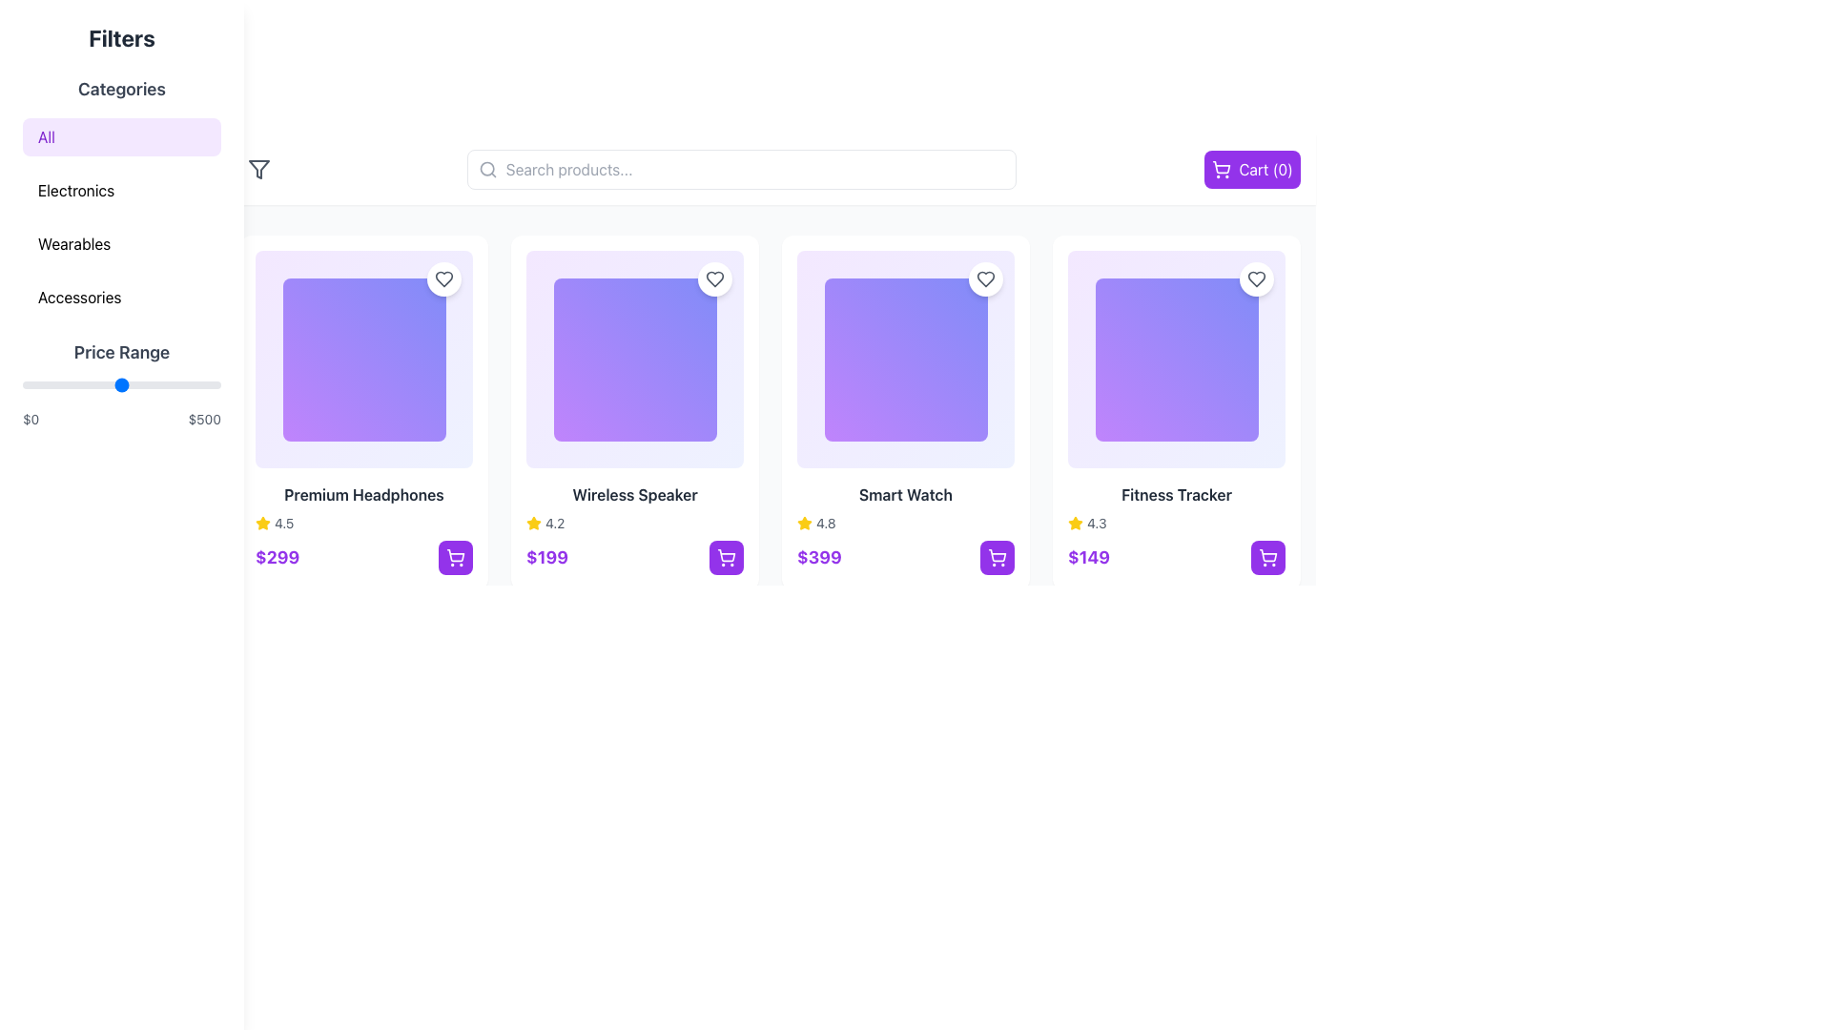  I want to click on the shopping cart icon labeled 'Cart (0)' located at the top-right corner of the interface, so click(1222, 168).